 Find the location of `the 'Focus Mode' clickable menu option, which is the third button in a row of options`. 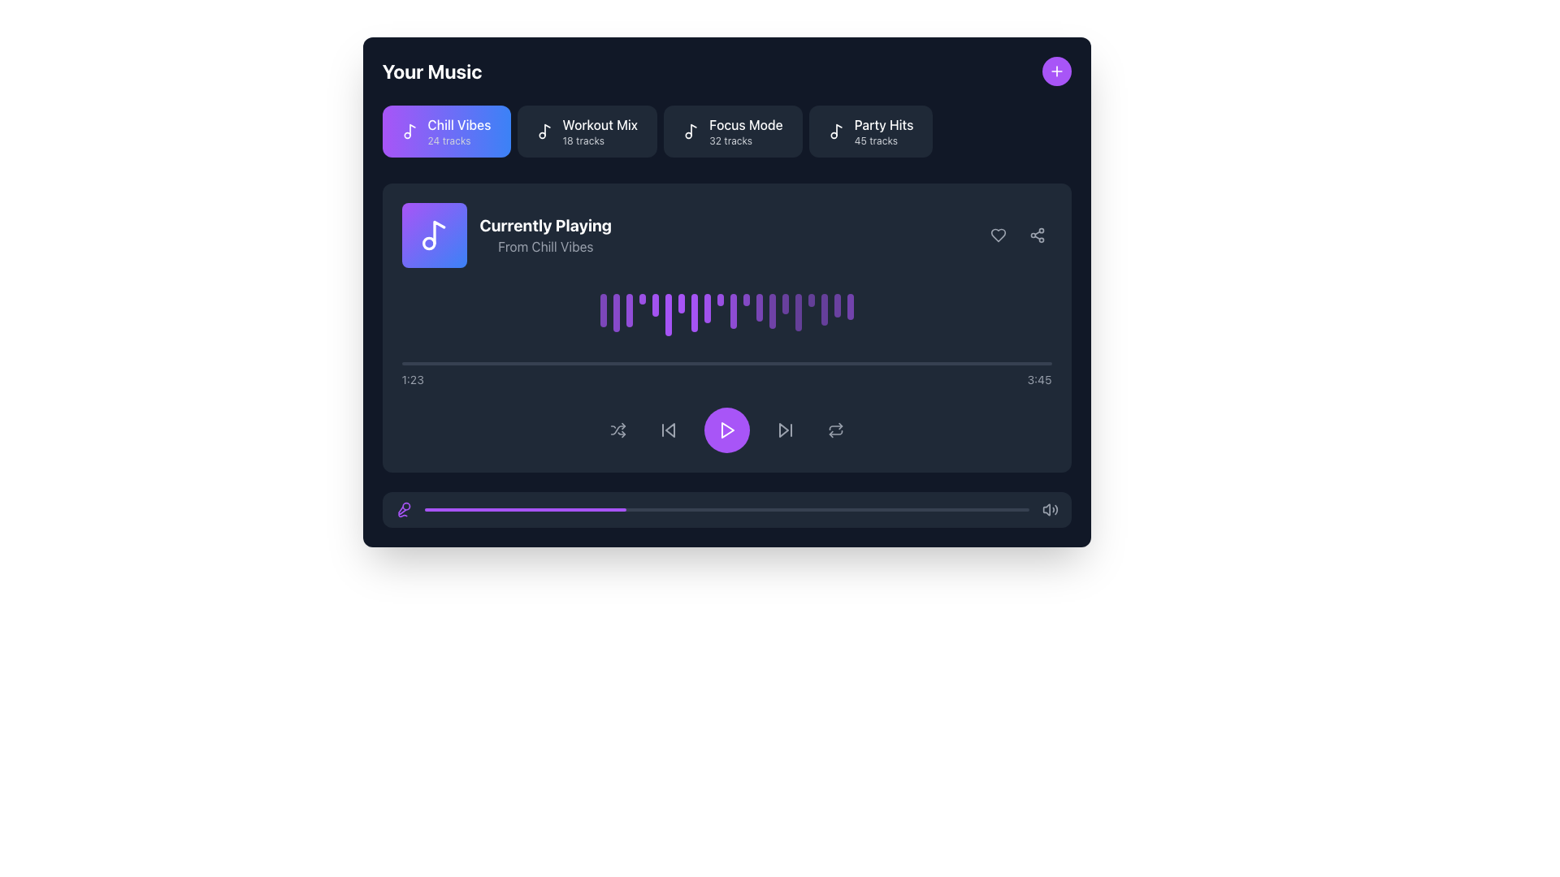

the 'Focus Mode' clickable menu option, which is the third button in a row of options is located at coordinates (745, 131).